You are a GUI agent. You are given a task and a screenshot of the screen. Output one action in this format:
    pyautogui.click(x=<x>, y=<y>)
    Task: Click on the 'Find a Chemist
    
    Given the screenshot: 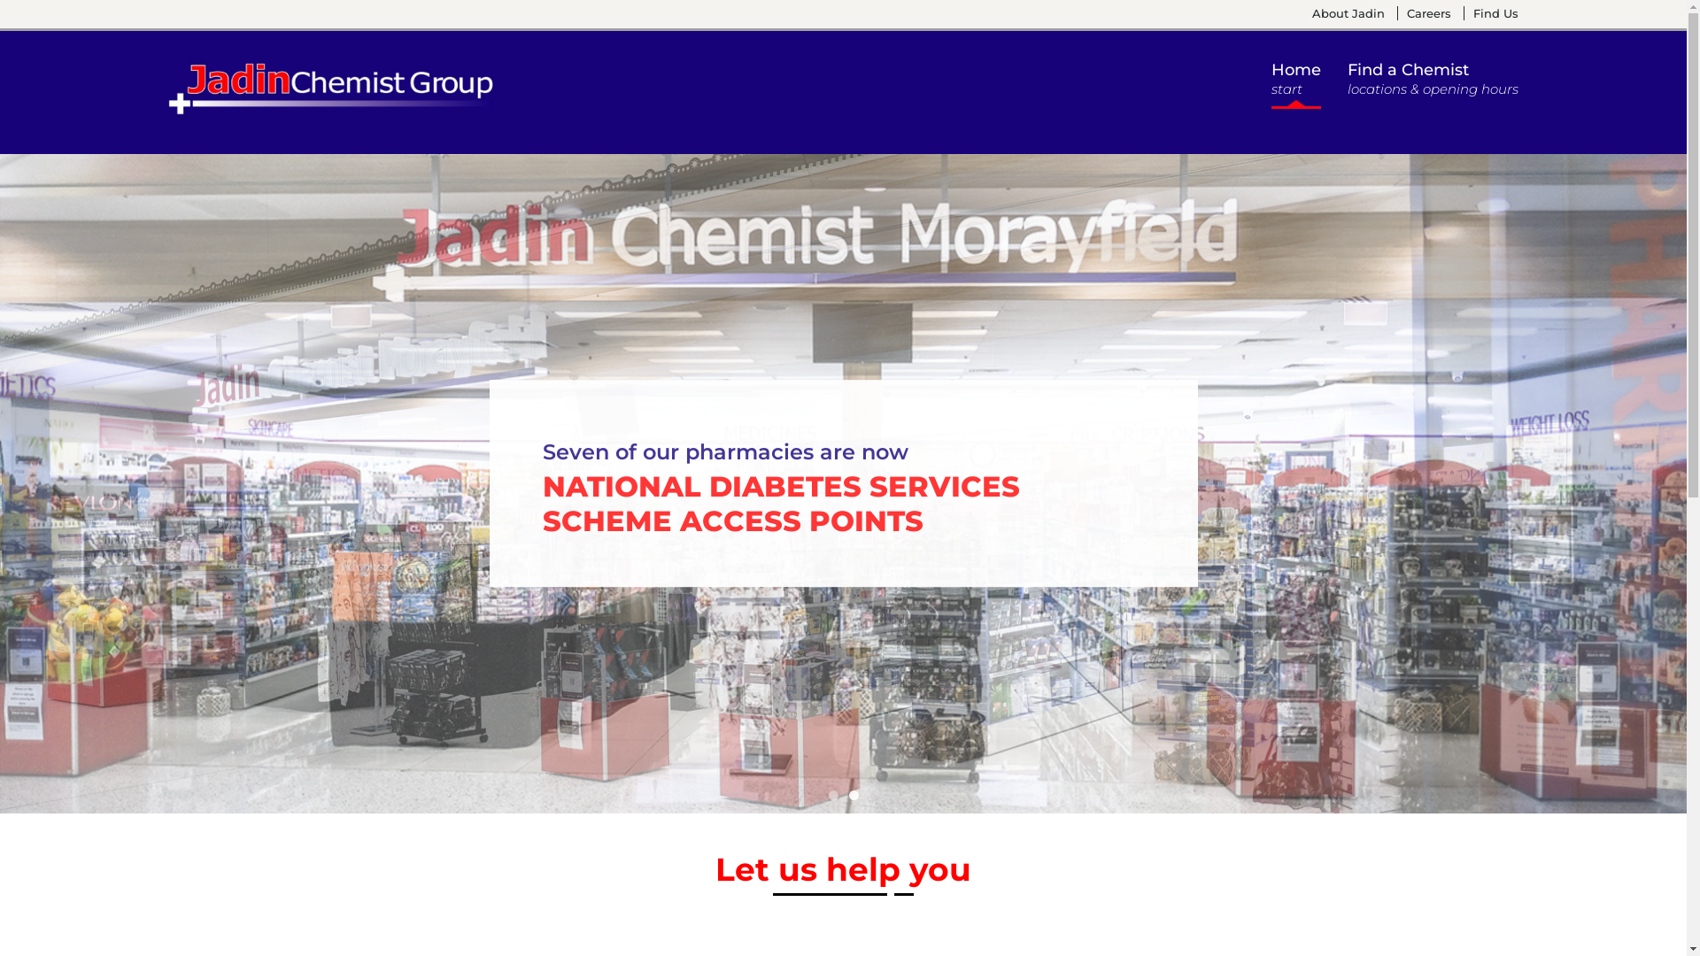 What is the action you would take?
    pyautogui.click(x=1433, y=83)
    